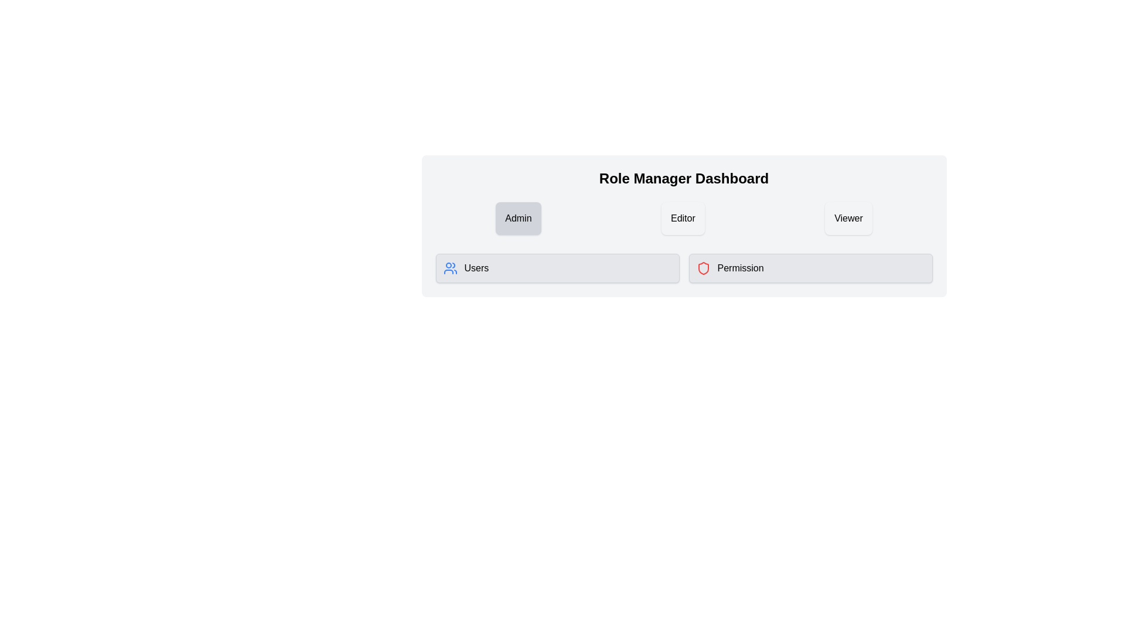 This screenshot has width=1125, height=633. Describe the element at coordinates (449, 268) in the screenshot. I see `the blue user management icon located on the left side of the interface, next to the 'Users' label` at that location.